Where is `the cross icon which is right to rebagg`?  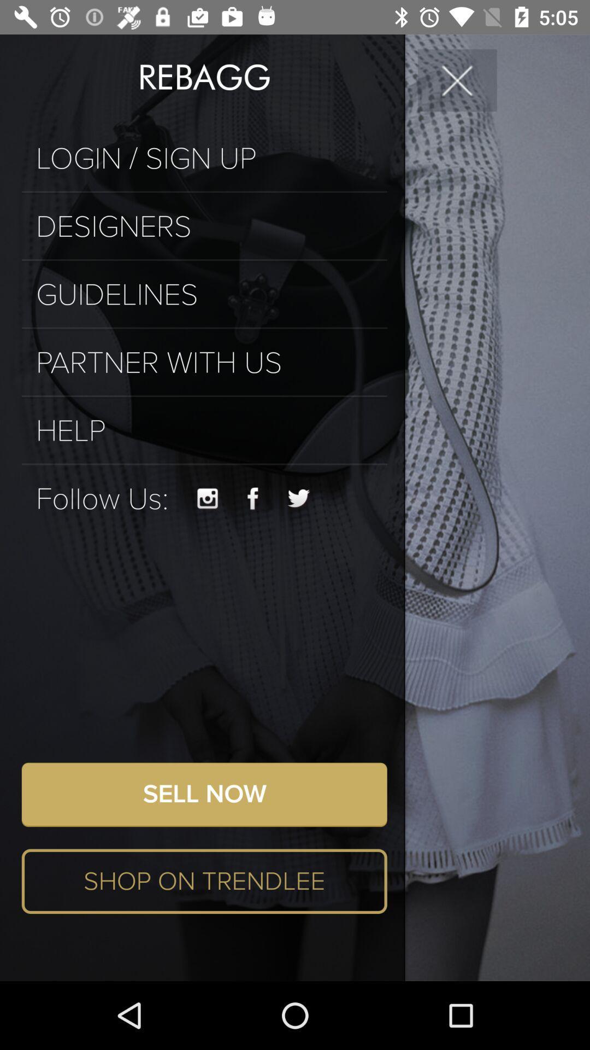
the cross icon which is right to rebagg is located at coordinates (457, 79).